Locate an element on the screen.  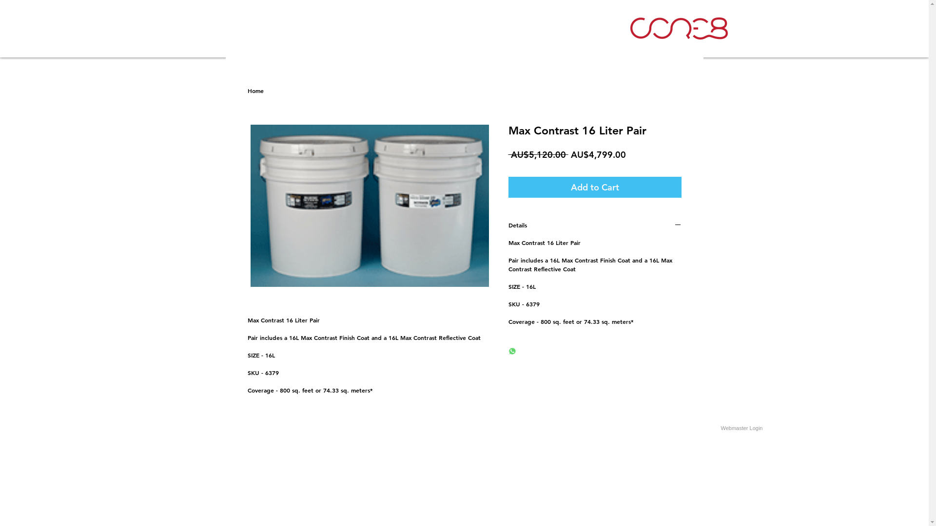
'Webmaster Login' is located at coordinates (741, 428).